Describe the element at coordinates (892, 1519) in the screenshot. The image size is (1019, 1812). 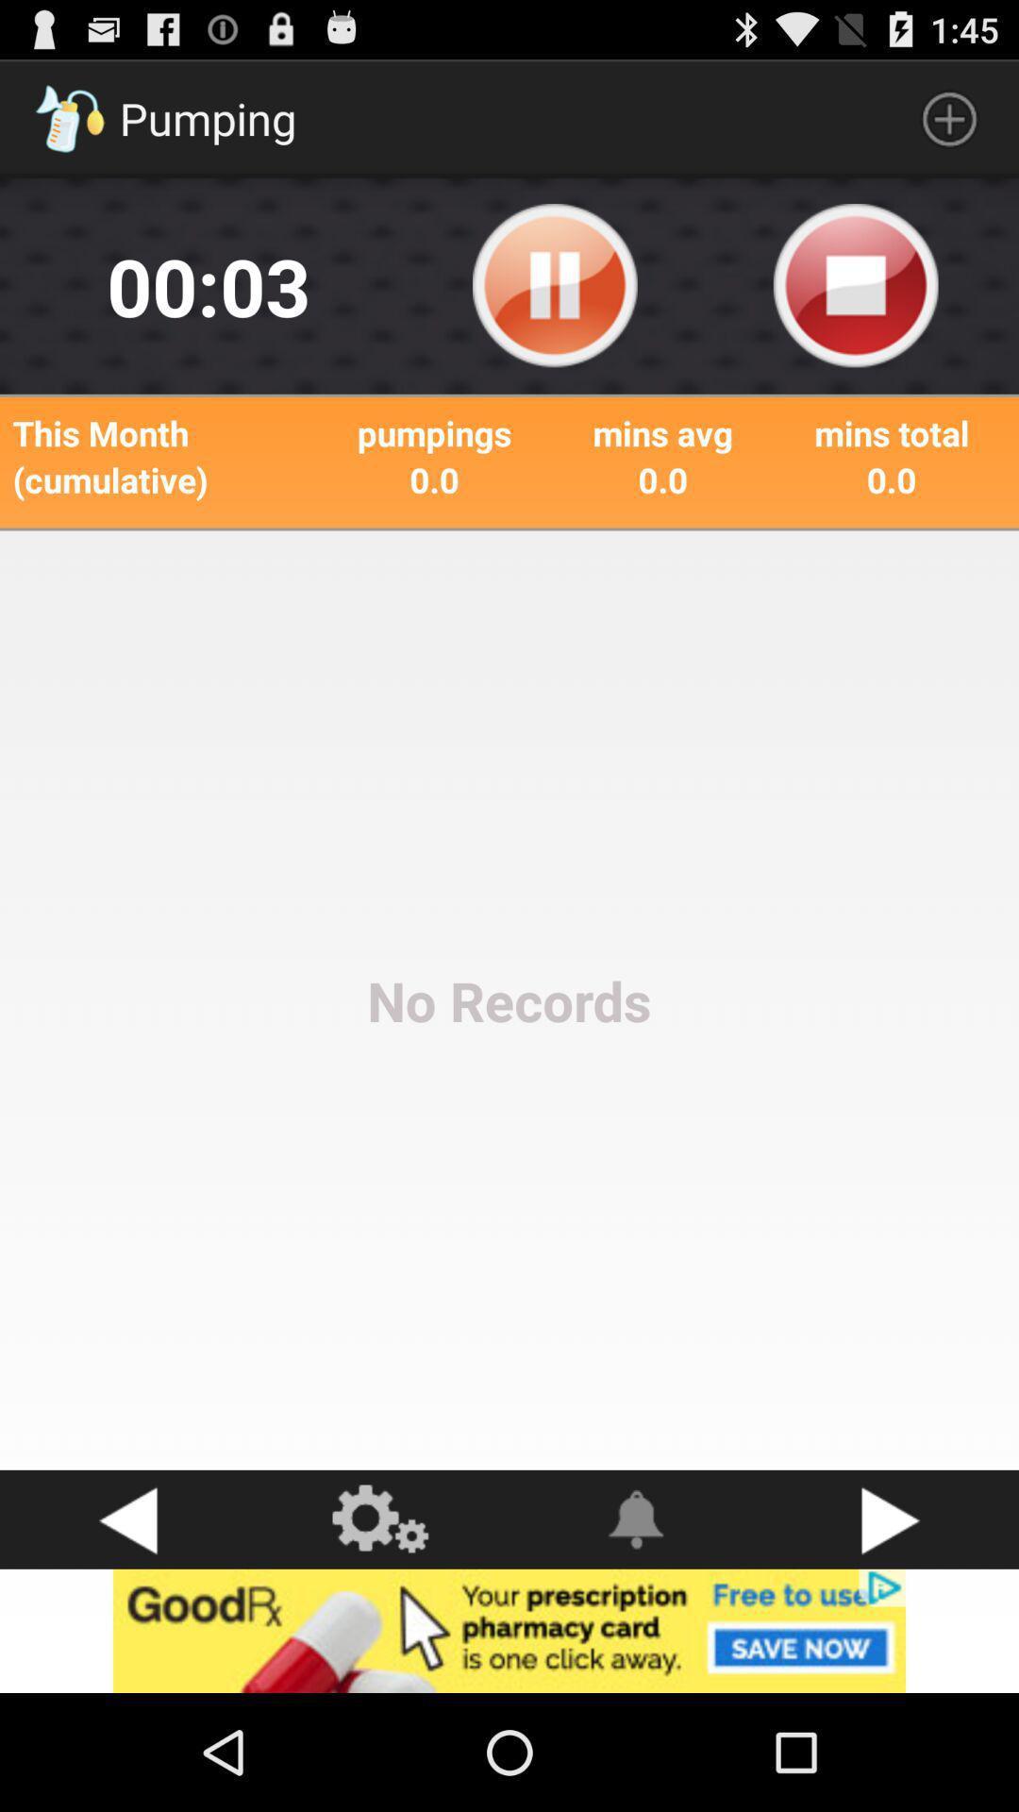
I see `button` at that location.